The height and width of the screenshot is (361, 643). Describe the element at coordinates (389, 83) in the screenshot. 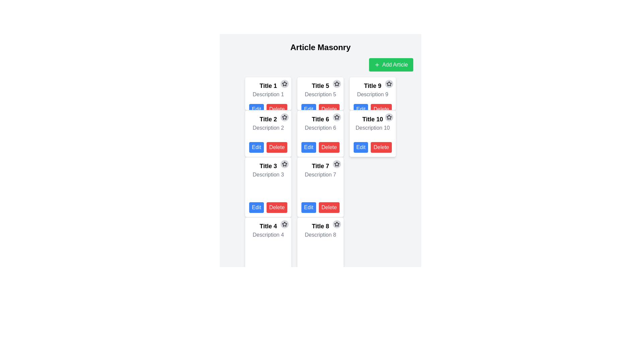

I see `the status icon in the upper-right corner of the card labeled 'Title 9'` at that location.